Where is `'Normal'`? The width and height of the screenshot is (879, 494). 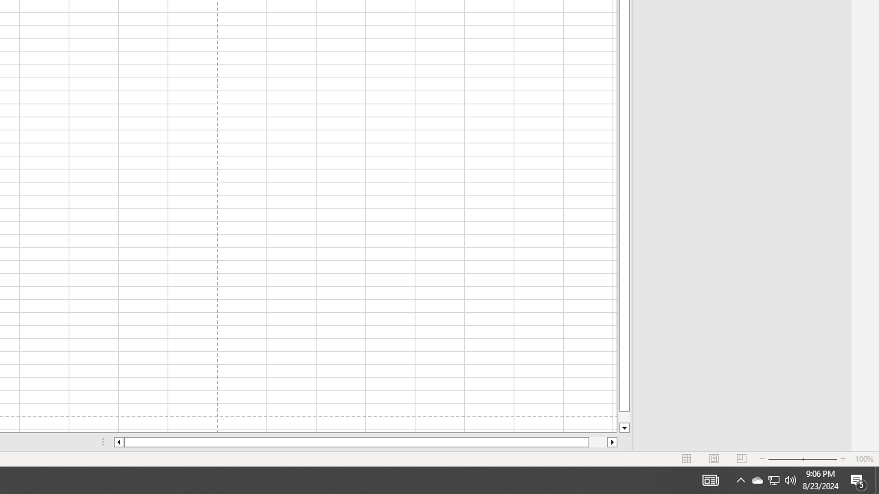
'Normal' is located at coordinates (687, 459).